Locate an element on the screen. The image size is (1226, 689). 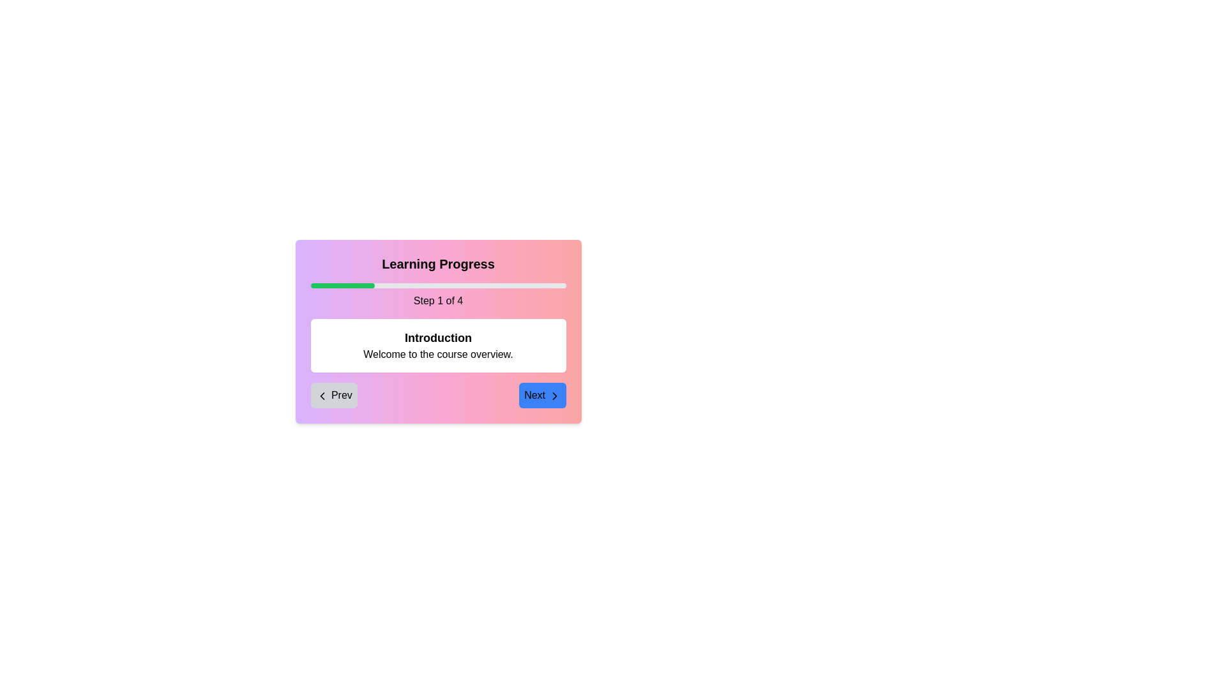
the progress bar segment indicating 25% completion in the 'Learning Progress' section, located near the top of the card under the title is located at coordinates (342, 285).